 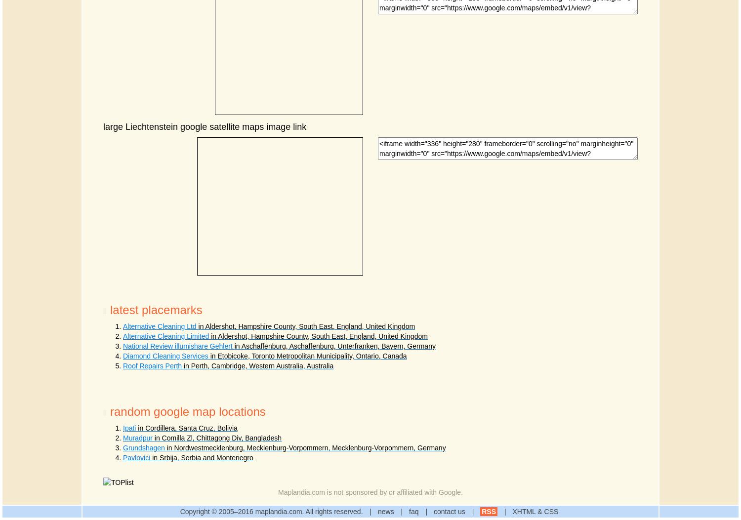 I want to click on 'Maplandia.com is not sponsored by or affiliated with Google.', so click(x=370, y=492).